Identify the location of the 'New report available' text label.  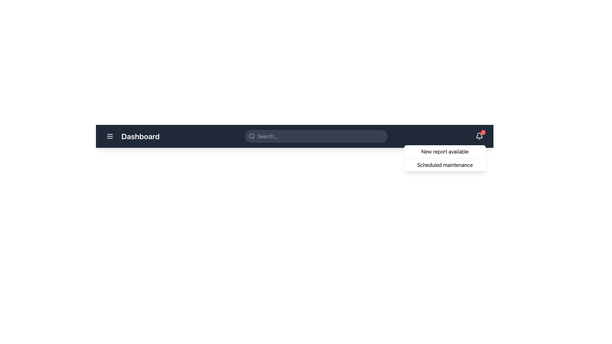
(445, 151).